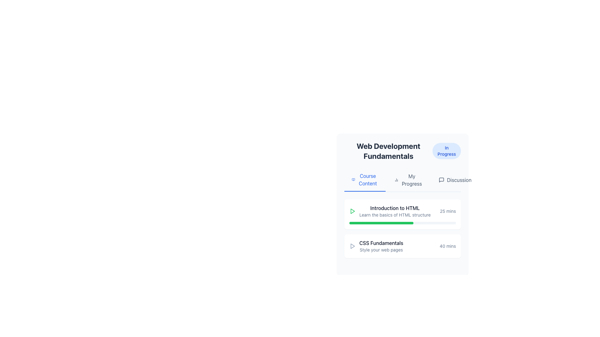 The image size is (600, 337). I want to click on the 'Course Content' button, so click(365, 180).